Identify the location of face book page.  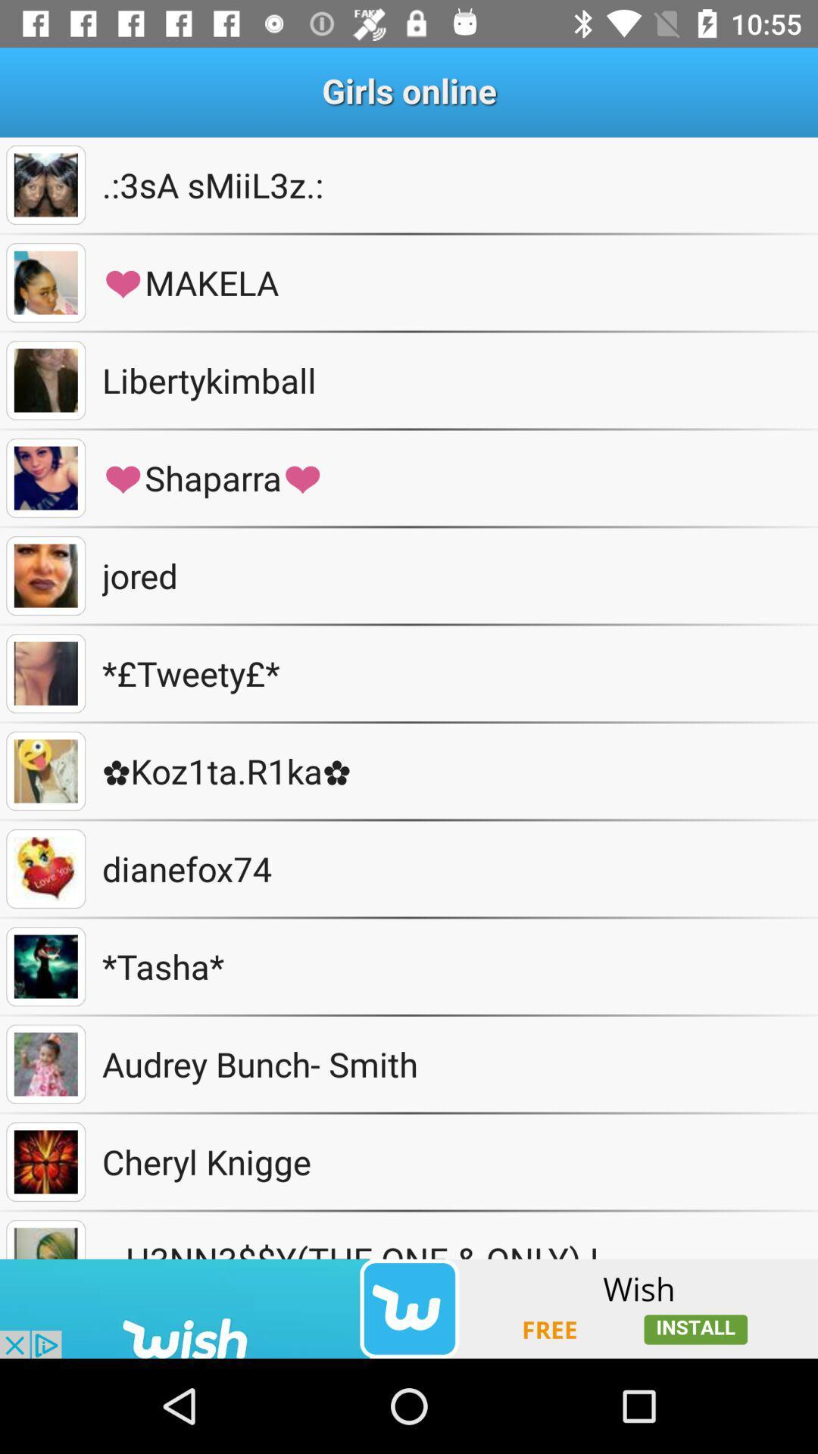
(45, 282).